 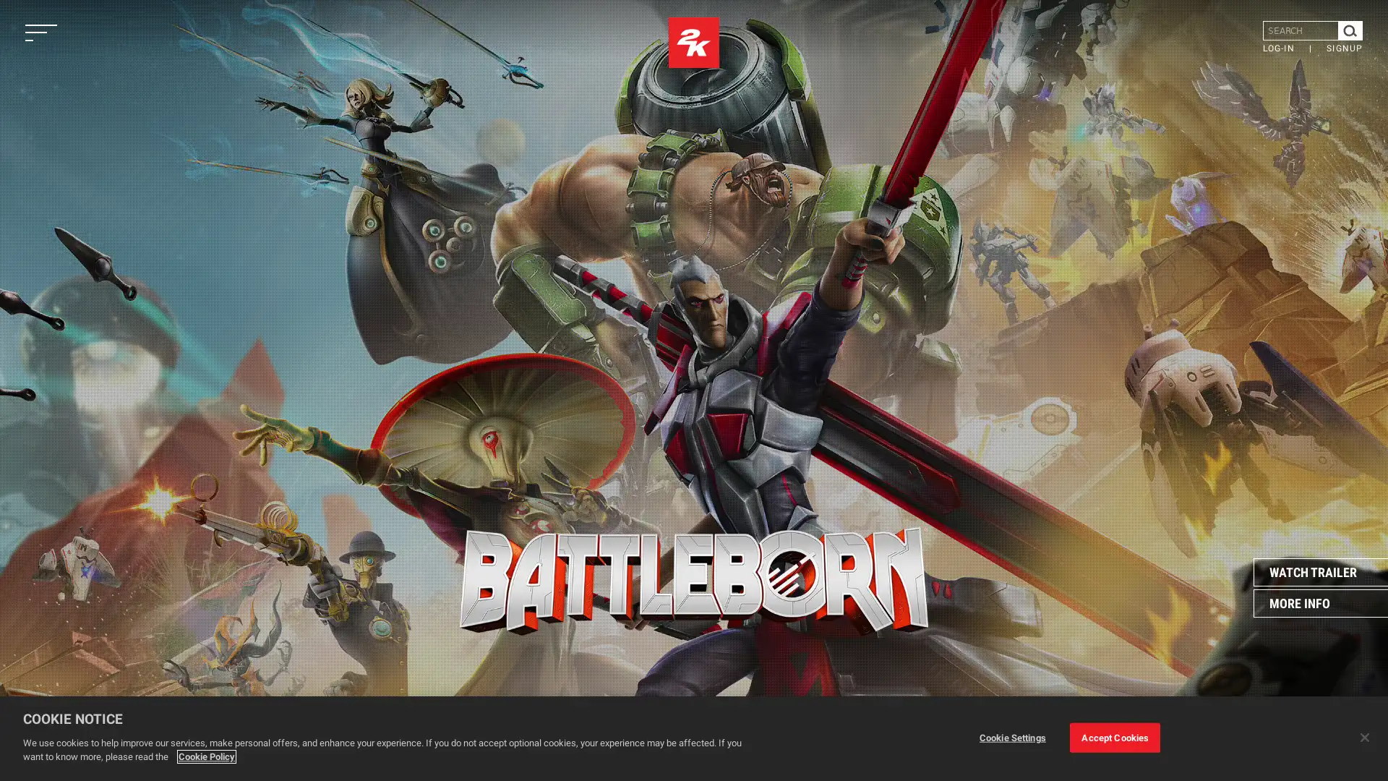 What do you see at coordinates (1363, 736) in the screenshot?
I see `Close` at bounding box center [1363, 736].